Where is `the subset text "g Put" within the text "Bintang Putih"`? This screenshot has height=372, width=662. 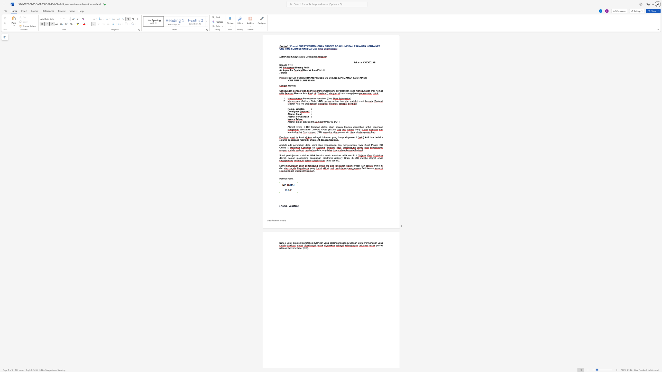
the subset text "g Put" within the text "Bintang Putih" is located at coordinates (301, 68).